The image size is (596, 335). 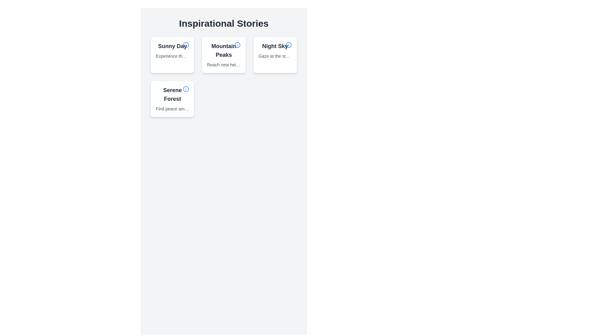 What do you see at coordinates (172, 99) in the screenshot?
I see `the 'Serene Forest' informational card located at the bottom-left of the grid under the 'Inspirational Stories' heading` at bounding box center [172, 99].